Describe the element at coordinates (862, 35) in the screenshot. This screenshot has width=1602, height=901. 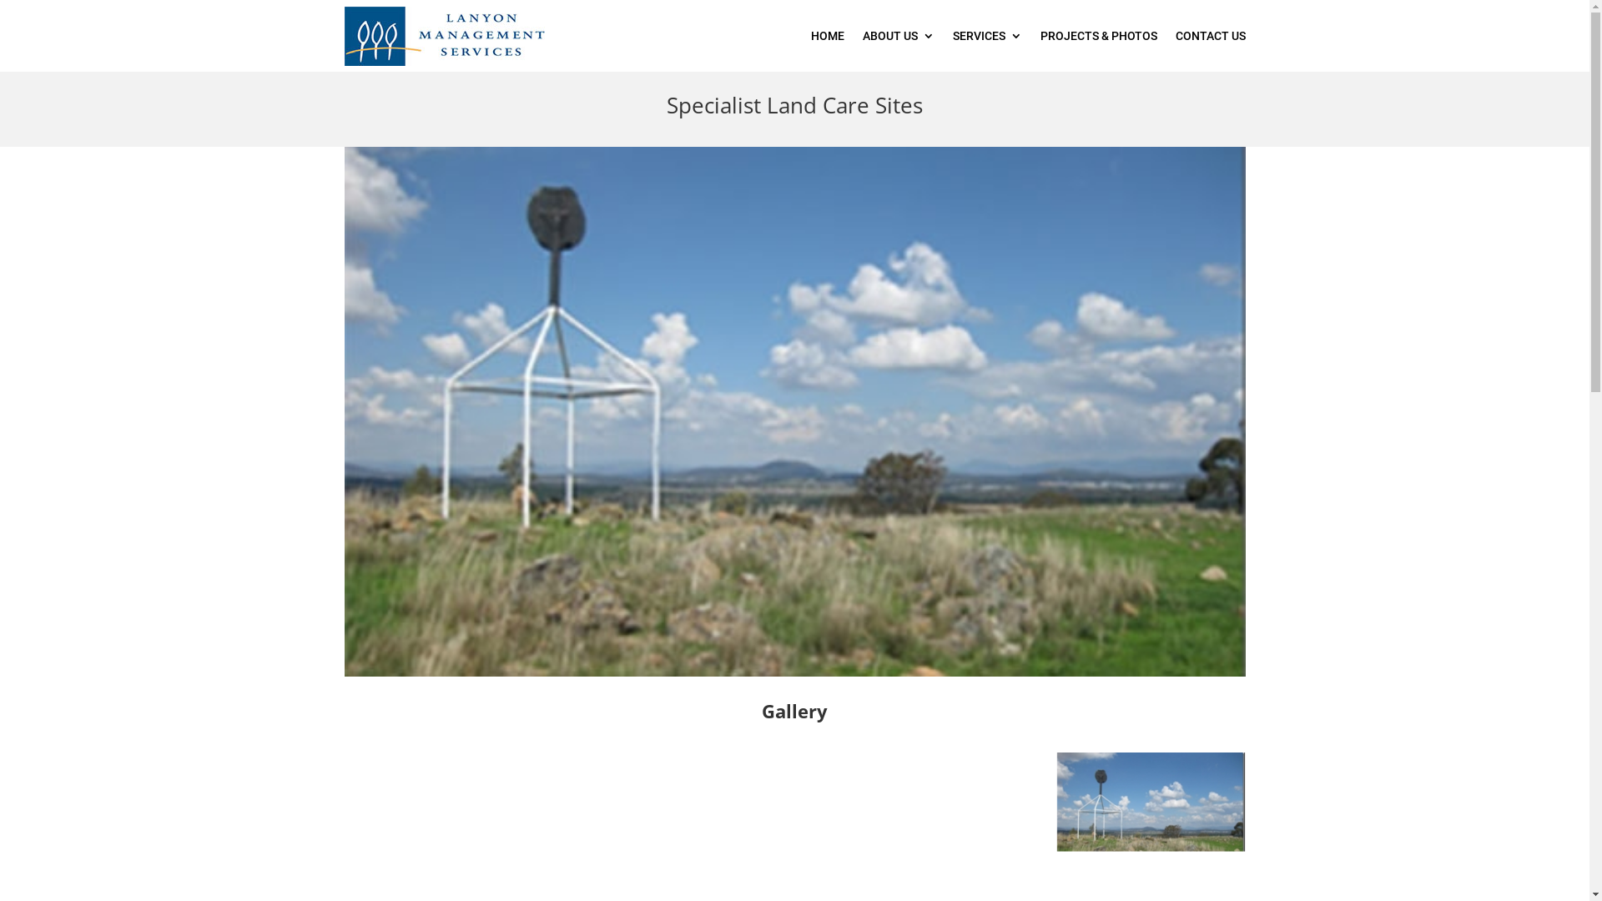
I see `'ABOUT US'` at that location.